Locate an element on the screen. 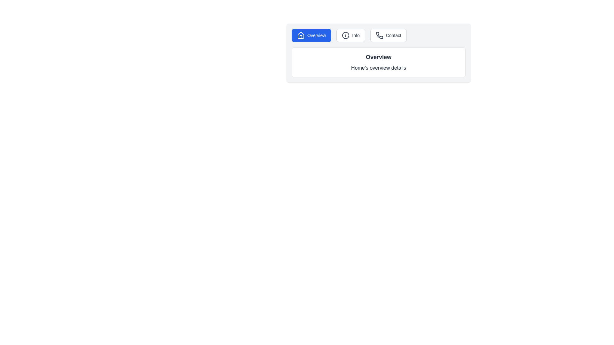 The height and width of the screenshot is (345, 614). the Overview tab to view its content is located at coordinates (311, 35).